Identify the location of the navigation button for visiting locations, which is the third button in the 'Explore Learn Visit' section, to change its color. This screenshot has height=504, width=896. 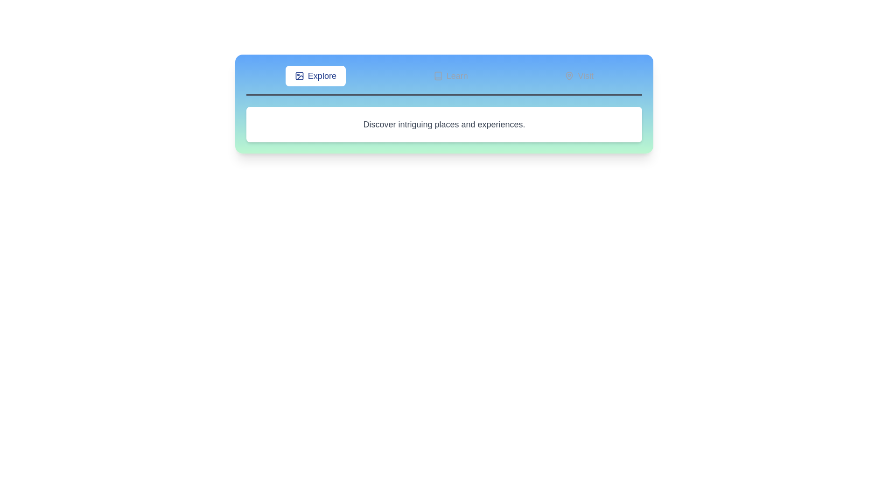
(579, 75).